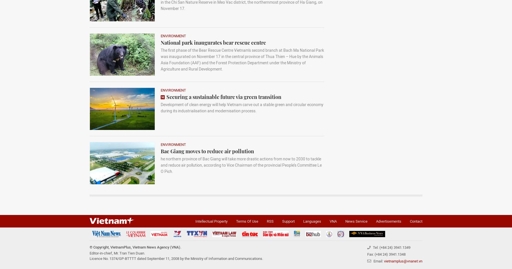 The image size is (512, 269). Describe the element at coordinates (204, 218) in the screenshot. I see `'Forest coverage improves in Phu Quy island'` at that location.